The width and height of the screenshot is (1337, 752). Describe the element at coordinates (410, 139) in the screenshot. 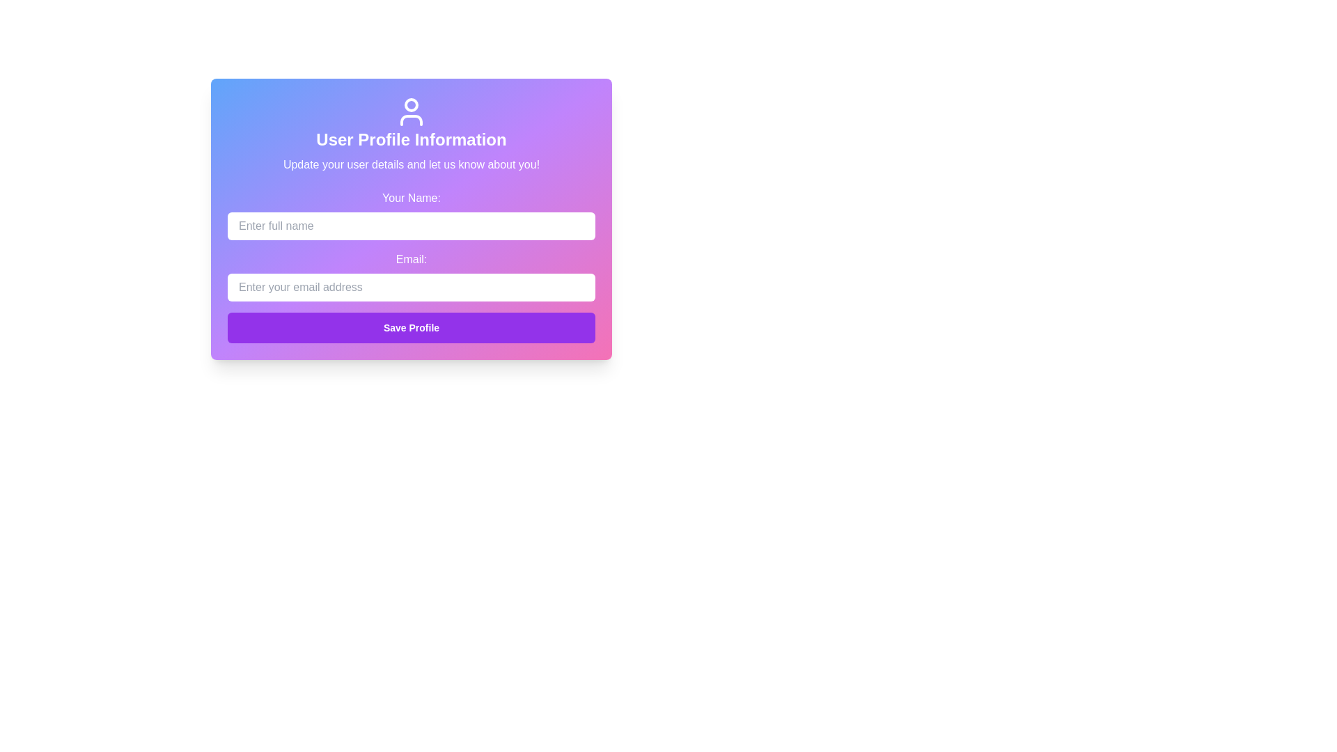

I see `the static text label that serves as the heading for the user profile management interface, positioned centrally in the header of the card interface` at that location.